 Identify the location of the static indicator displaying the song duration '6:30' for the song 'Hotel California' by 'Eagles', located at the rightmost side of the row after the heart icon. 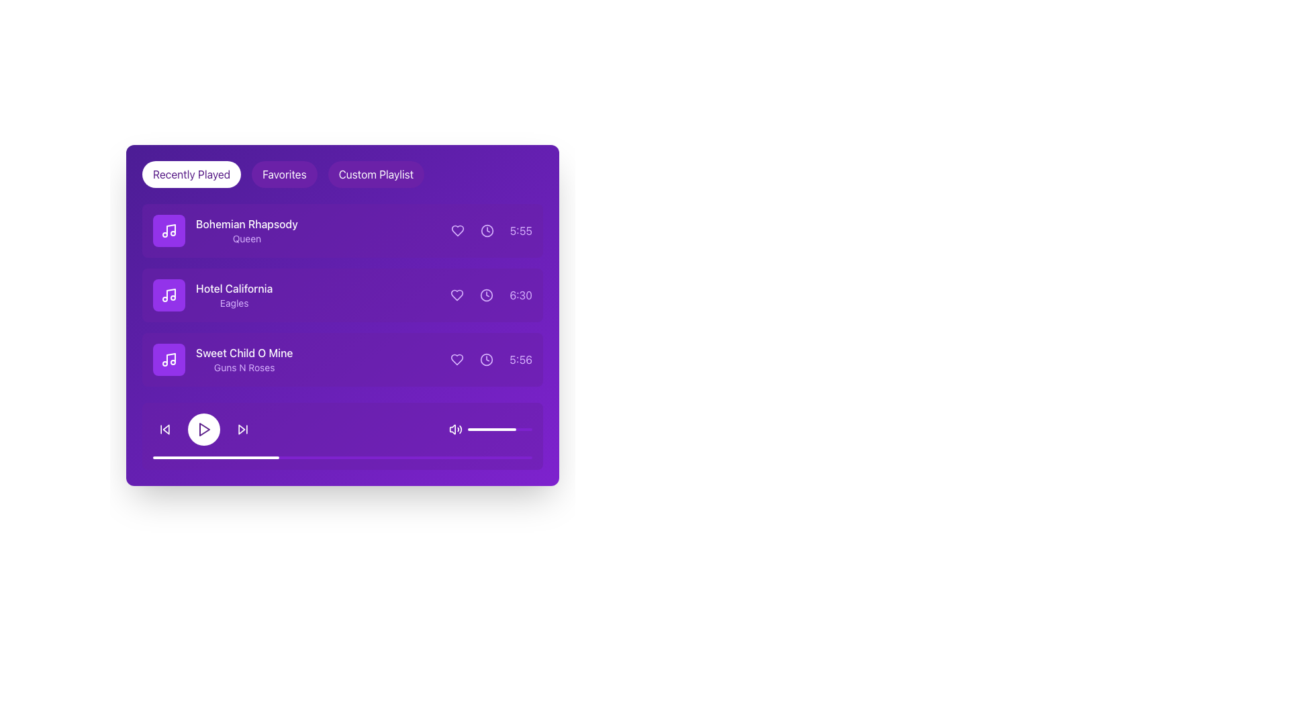
(491, 294).